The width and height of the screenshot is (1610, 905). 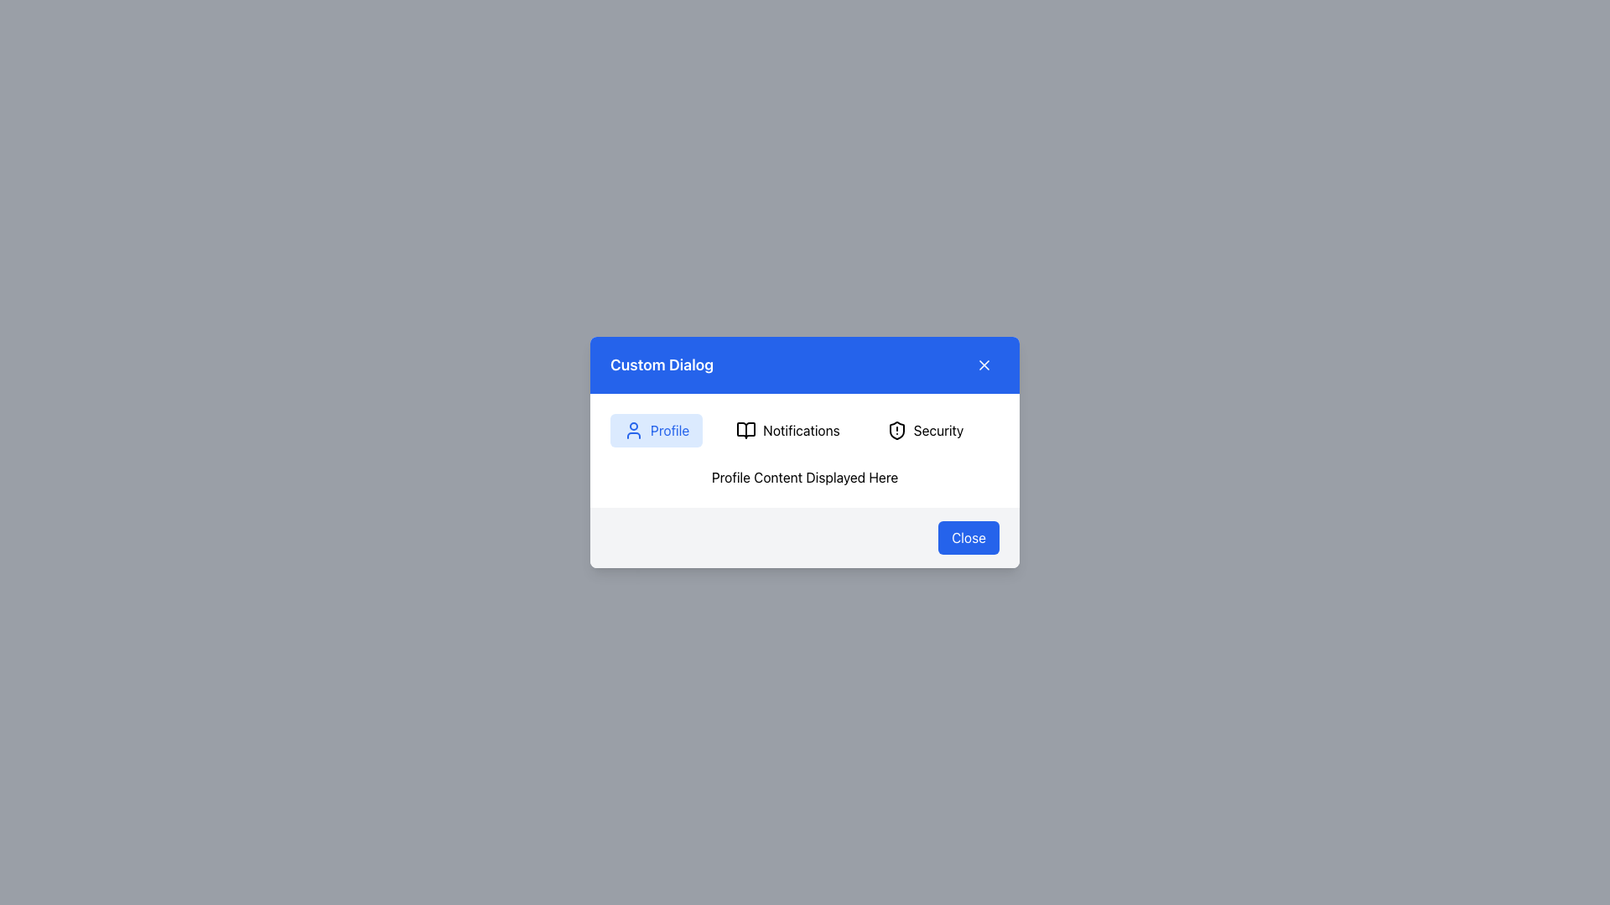 I want to click on the small square-shaped button with an 'X' icon in the top right corner of the blue header labeled 'Custom Dialog', so click(x=984, y=364).